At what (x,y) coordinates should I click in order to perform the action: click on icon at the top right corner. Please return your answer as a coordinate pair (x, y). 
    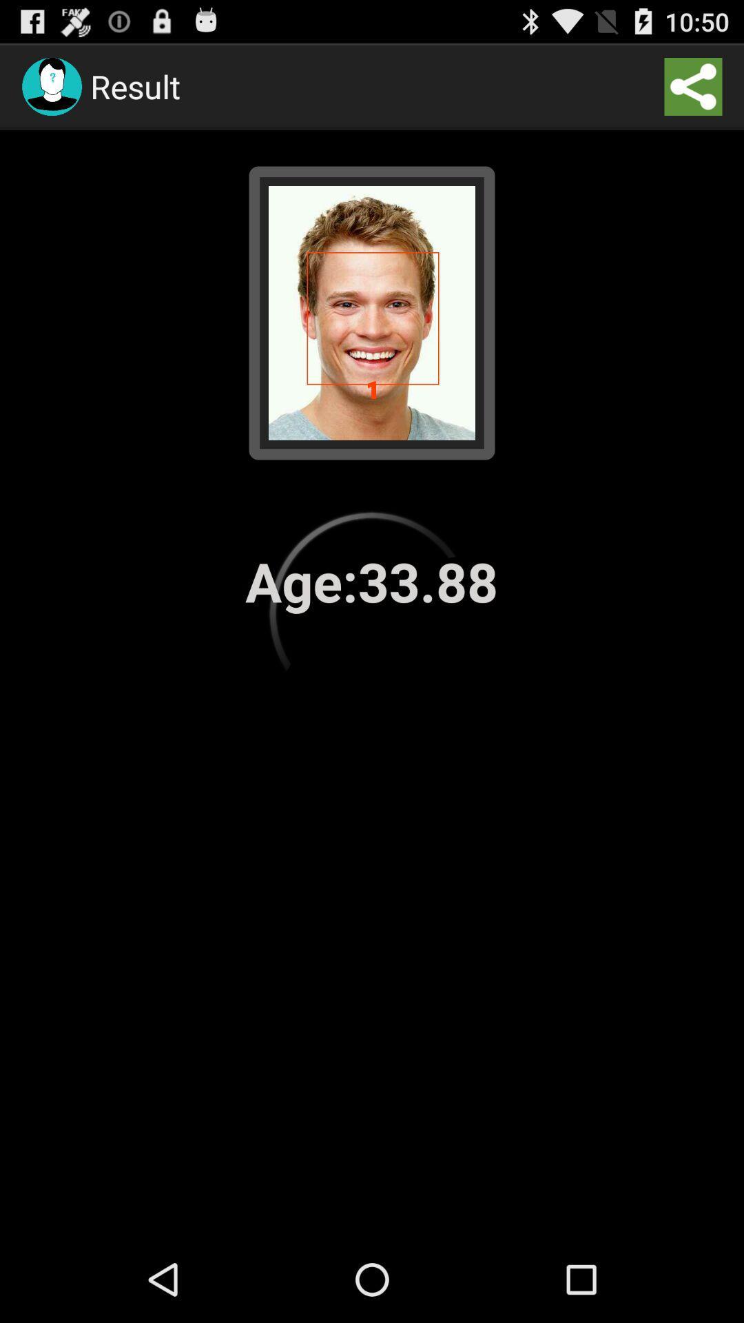
    Looking at the image, I should click on (693, 85).